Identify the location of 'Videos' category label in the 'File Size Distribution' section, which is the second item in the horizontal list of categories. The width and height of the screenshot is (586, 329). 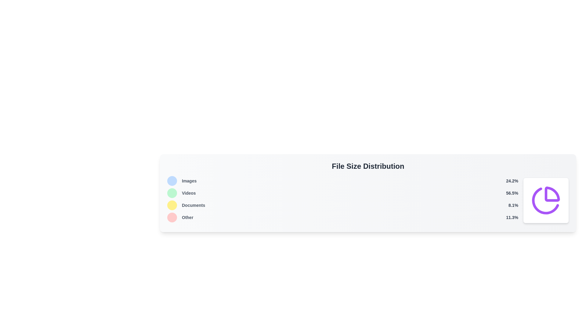
(188, 193).